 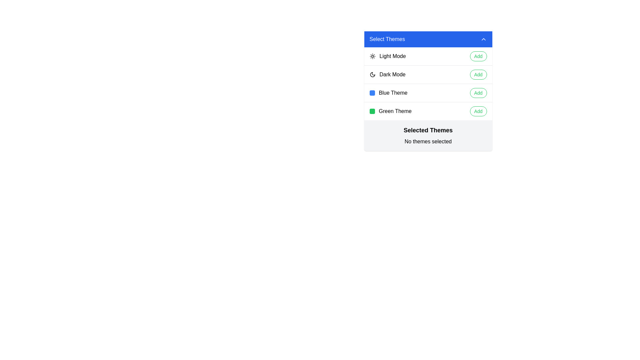 I want to click on the crescent moon icon representing 'Dark Mode' in the theme selection menu by moving the cursor to its center point, so click(x=372, y=74).